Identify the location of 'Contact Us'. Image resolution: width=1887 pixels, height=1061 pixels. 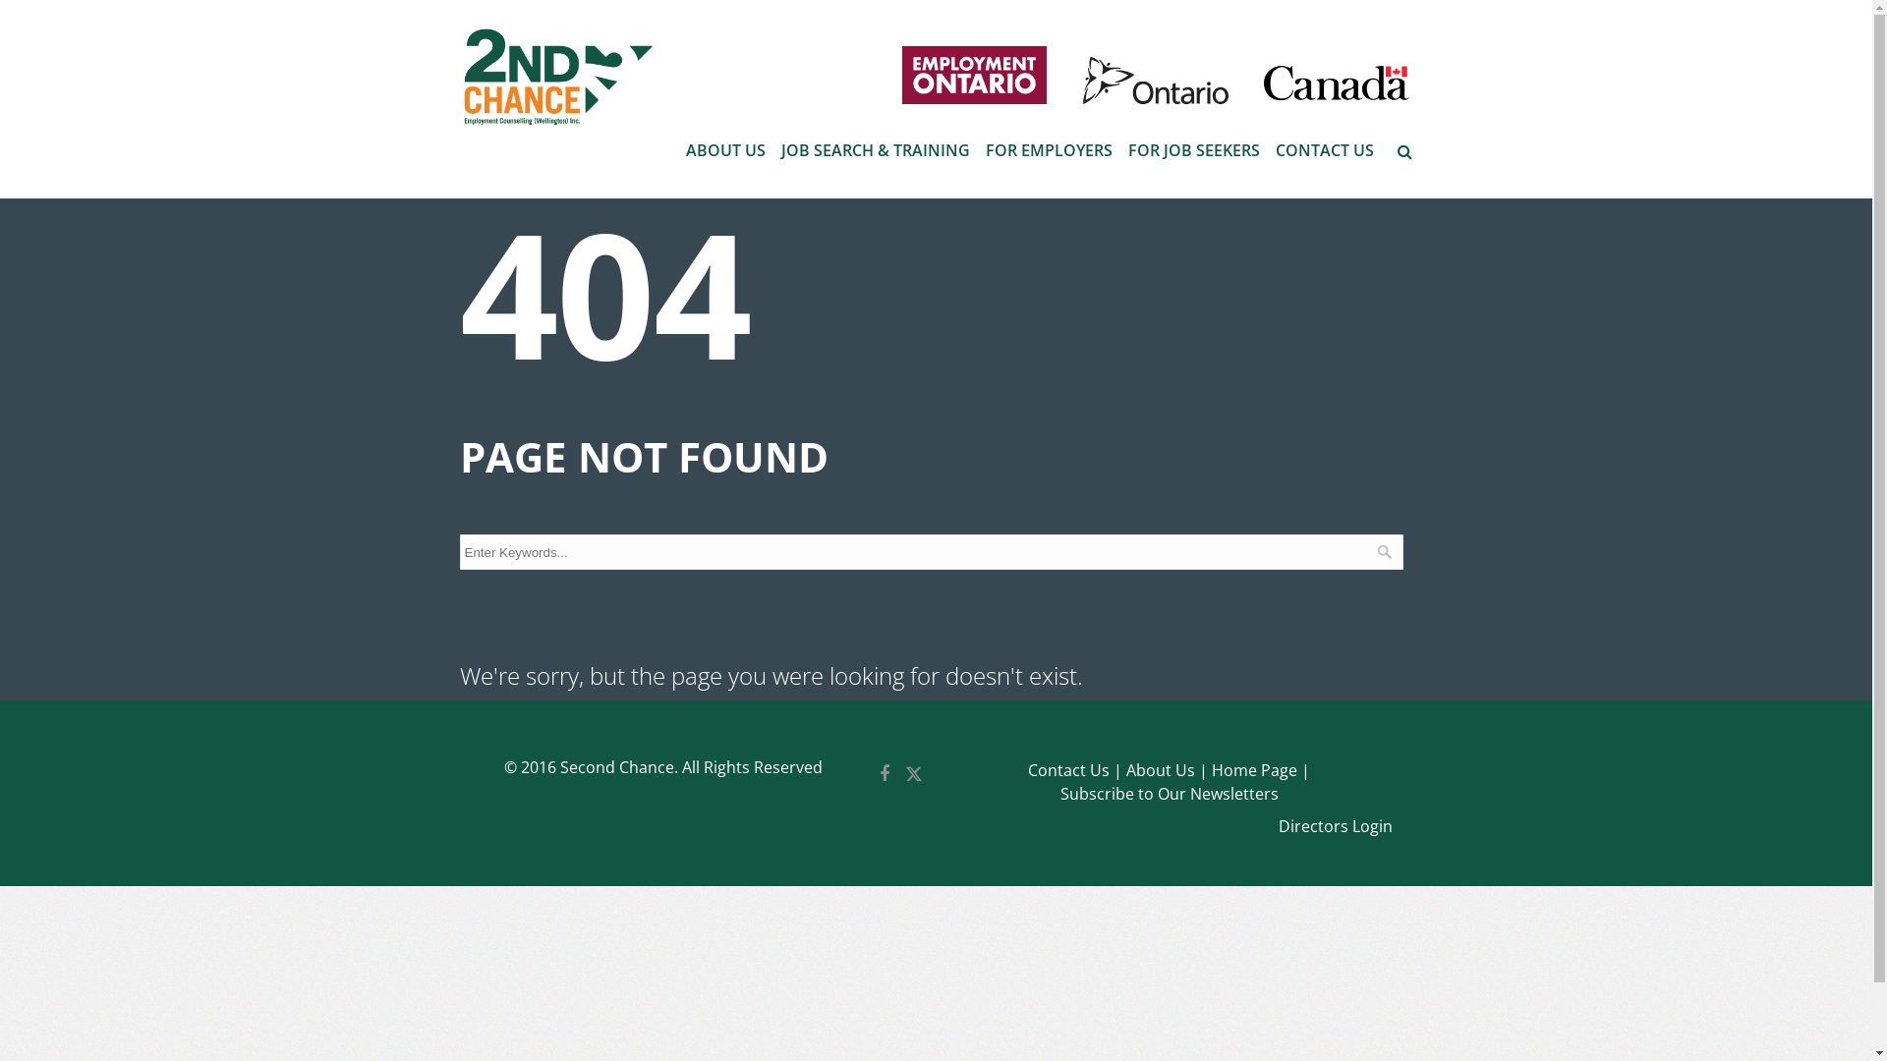
(1027, 769).